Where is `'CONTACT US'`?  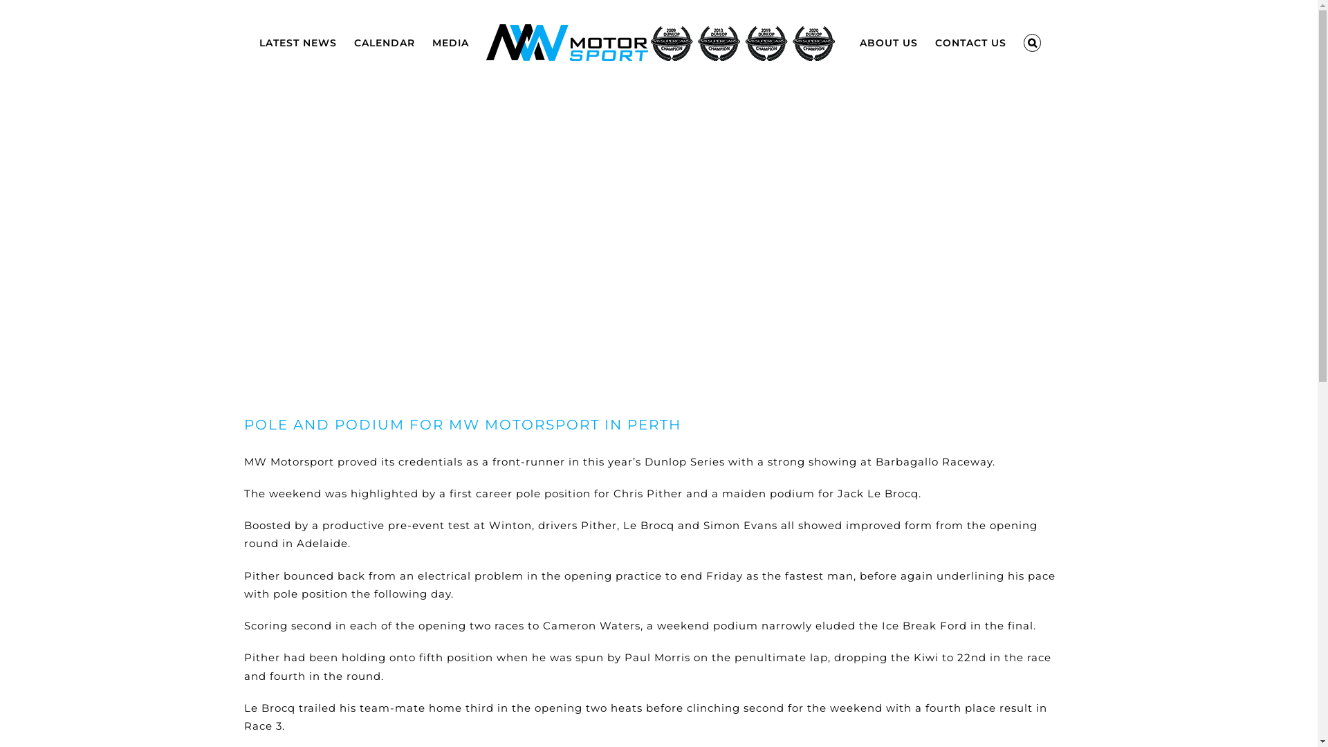 'CONTACT US' is located at coordinates (935, 37).